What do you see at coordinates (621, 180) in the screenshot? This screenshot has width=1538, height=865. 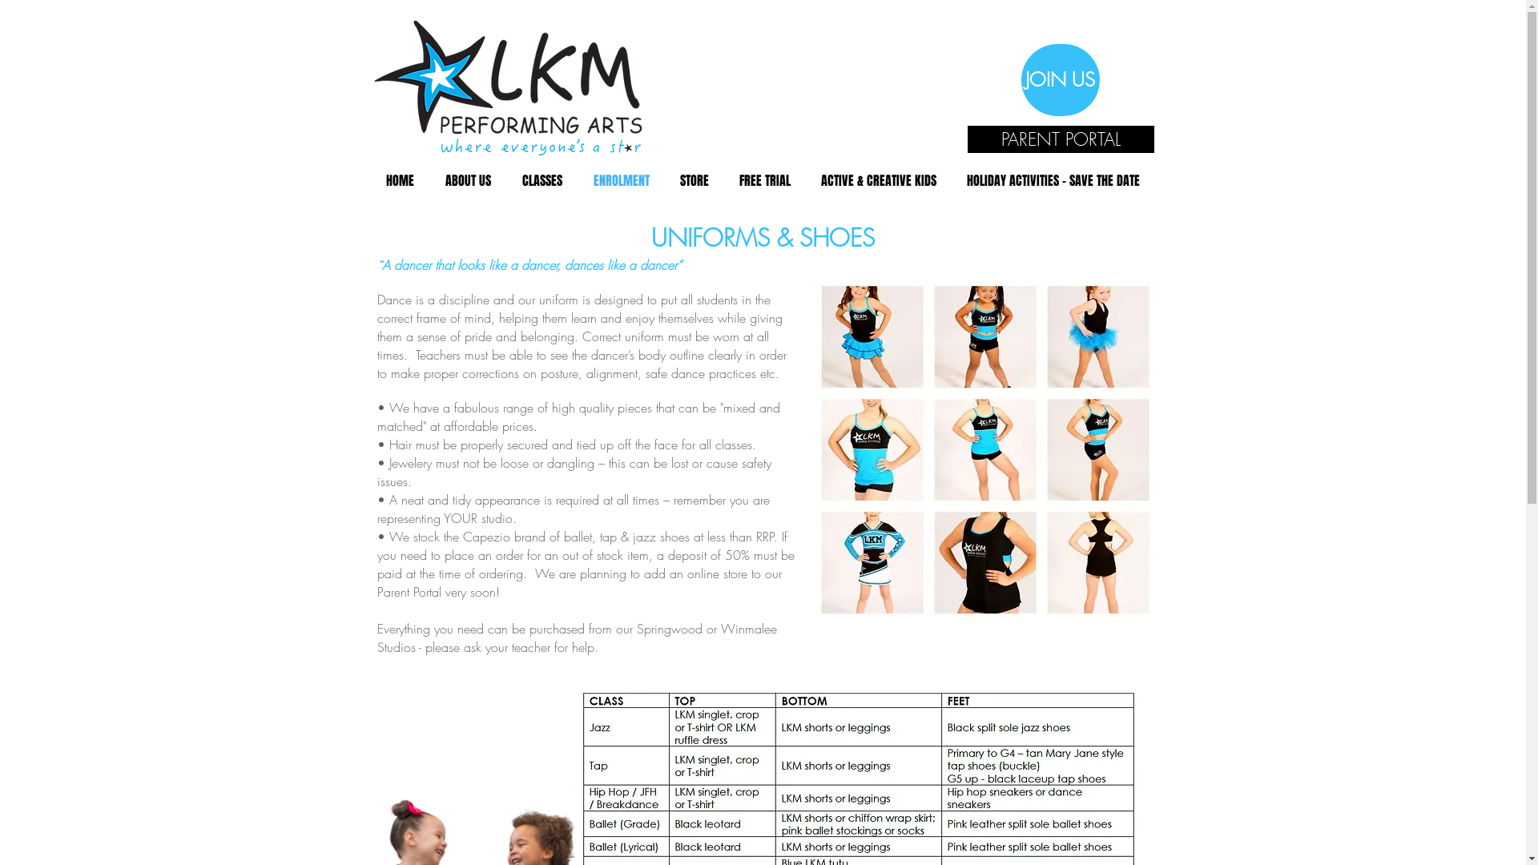 I see `'ENROLMENT'` at bounding box center [621, 180].